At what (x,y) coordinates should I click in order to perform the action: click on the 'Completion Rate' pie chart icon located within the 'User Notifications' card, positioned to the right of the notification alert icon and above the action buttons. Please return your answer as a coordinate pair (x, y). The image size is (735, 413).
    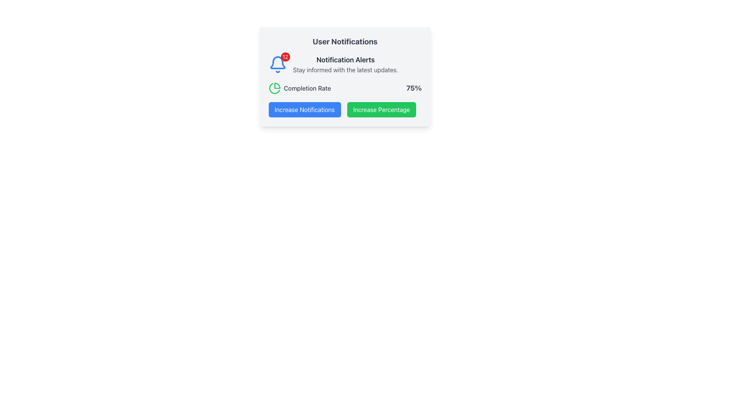
    Looking at the image, I should click on (274, 88).